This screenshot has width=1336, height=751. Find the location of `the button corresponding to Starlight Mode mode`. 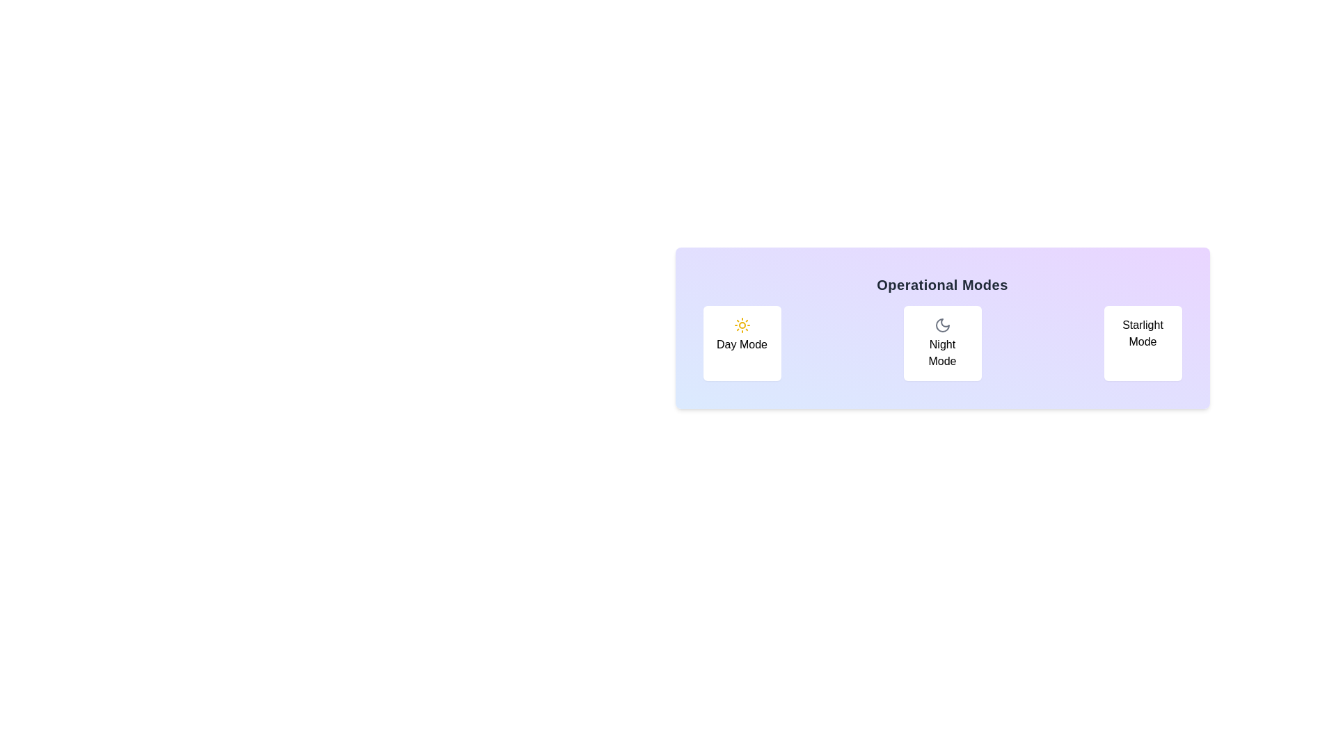

the button corresponding to Starlight Mode mode is located at coordinates (1143, 343).